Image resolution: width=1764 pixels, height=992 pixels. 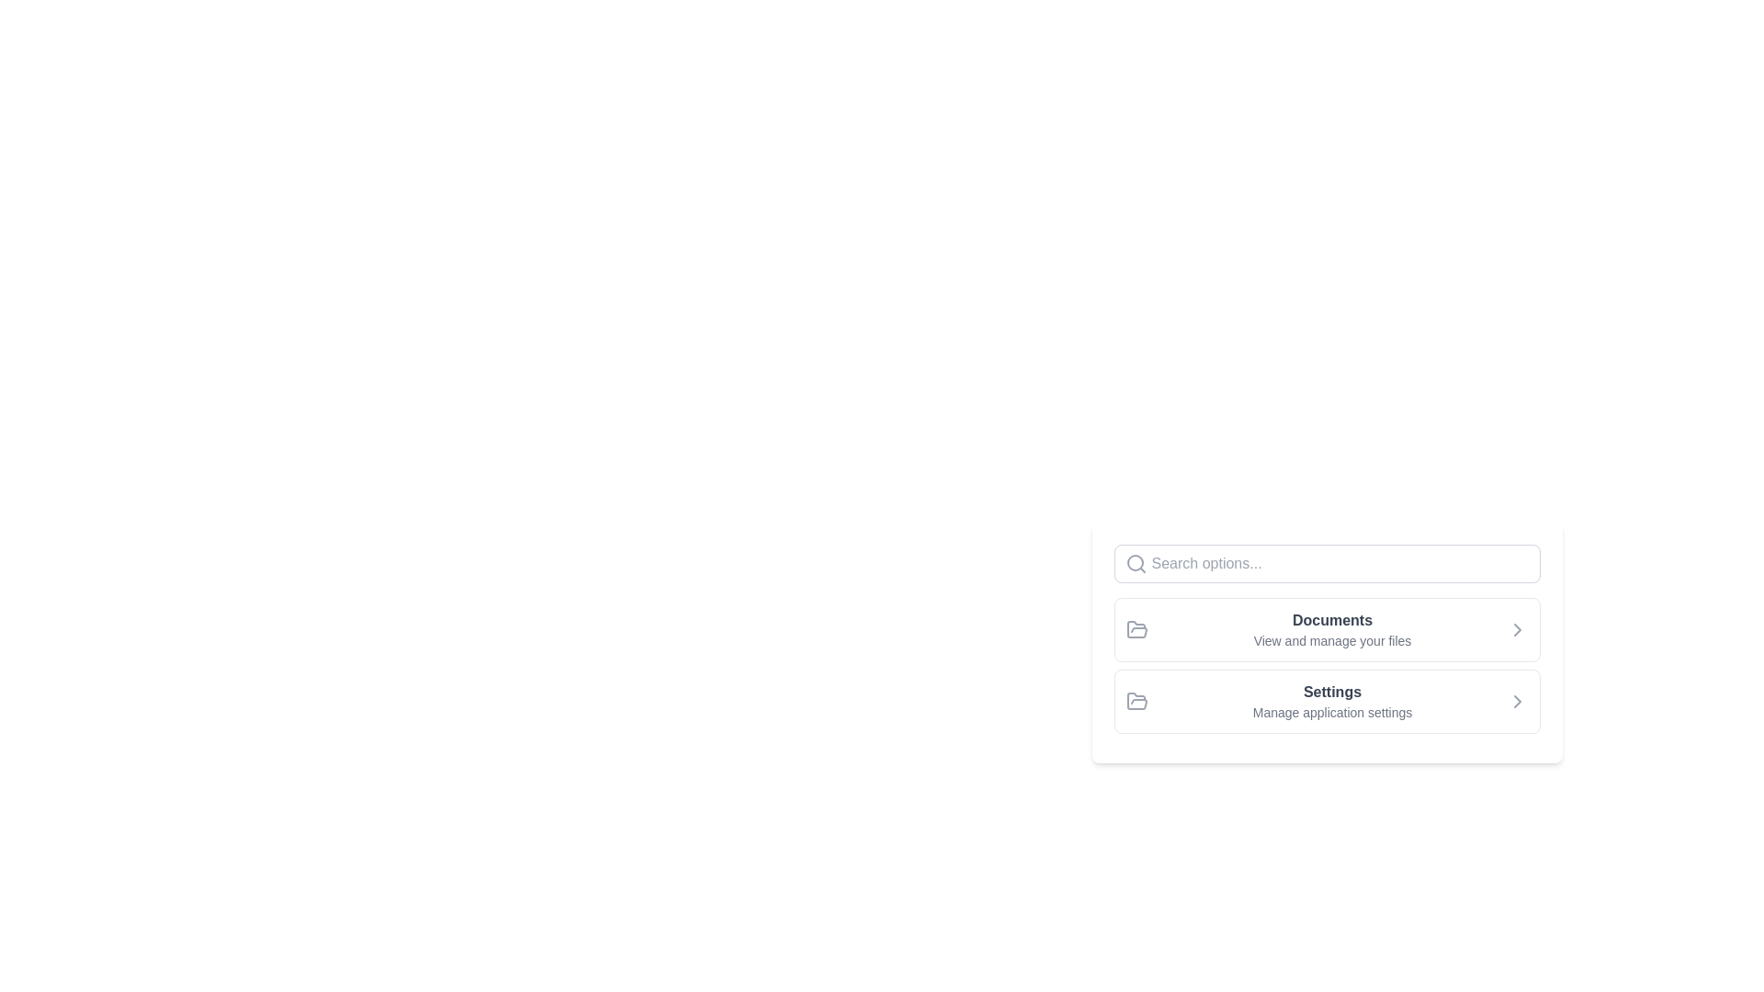 I want to click on the panel containing selectable options which has a white background, rounded corners, and includes entries labeled 'Documents' and 'Settings', so click(x=1327, y=721).